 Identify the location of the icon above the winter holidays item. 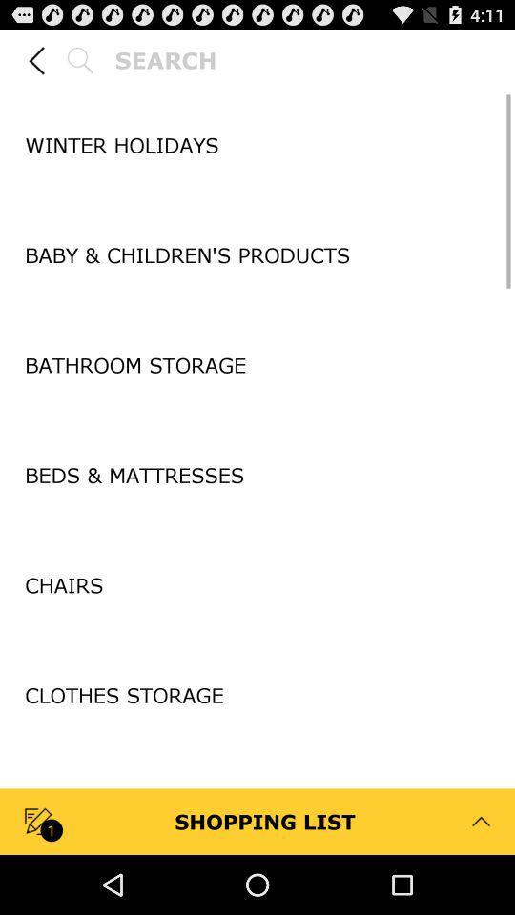
(257, 91).